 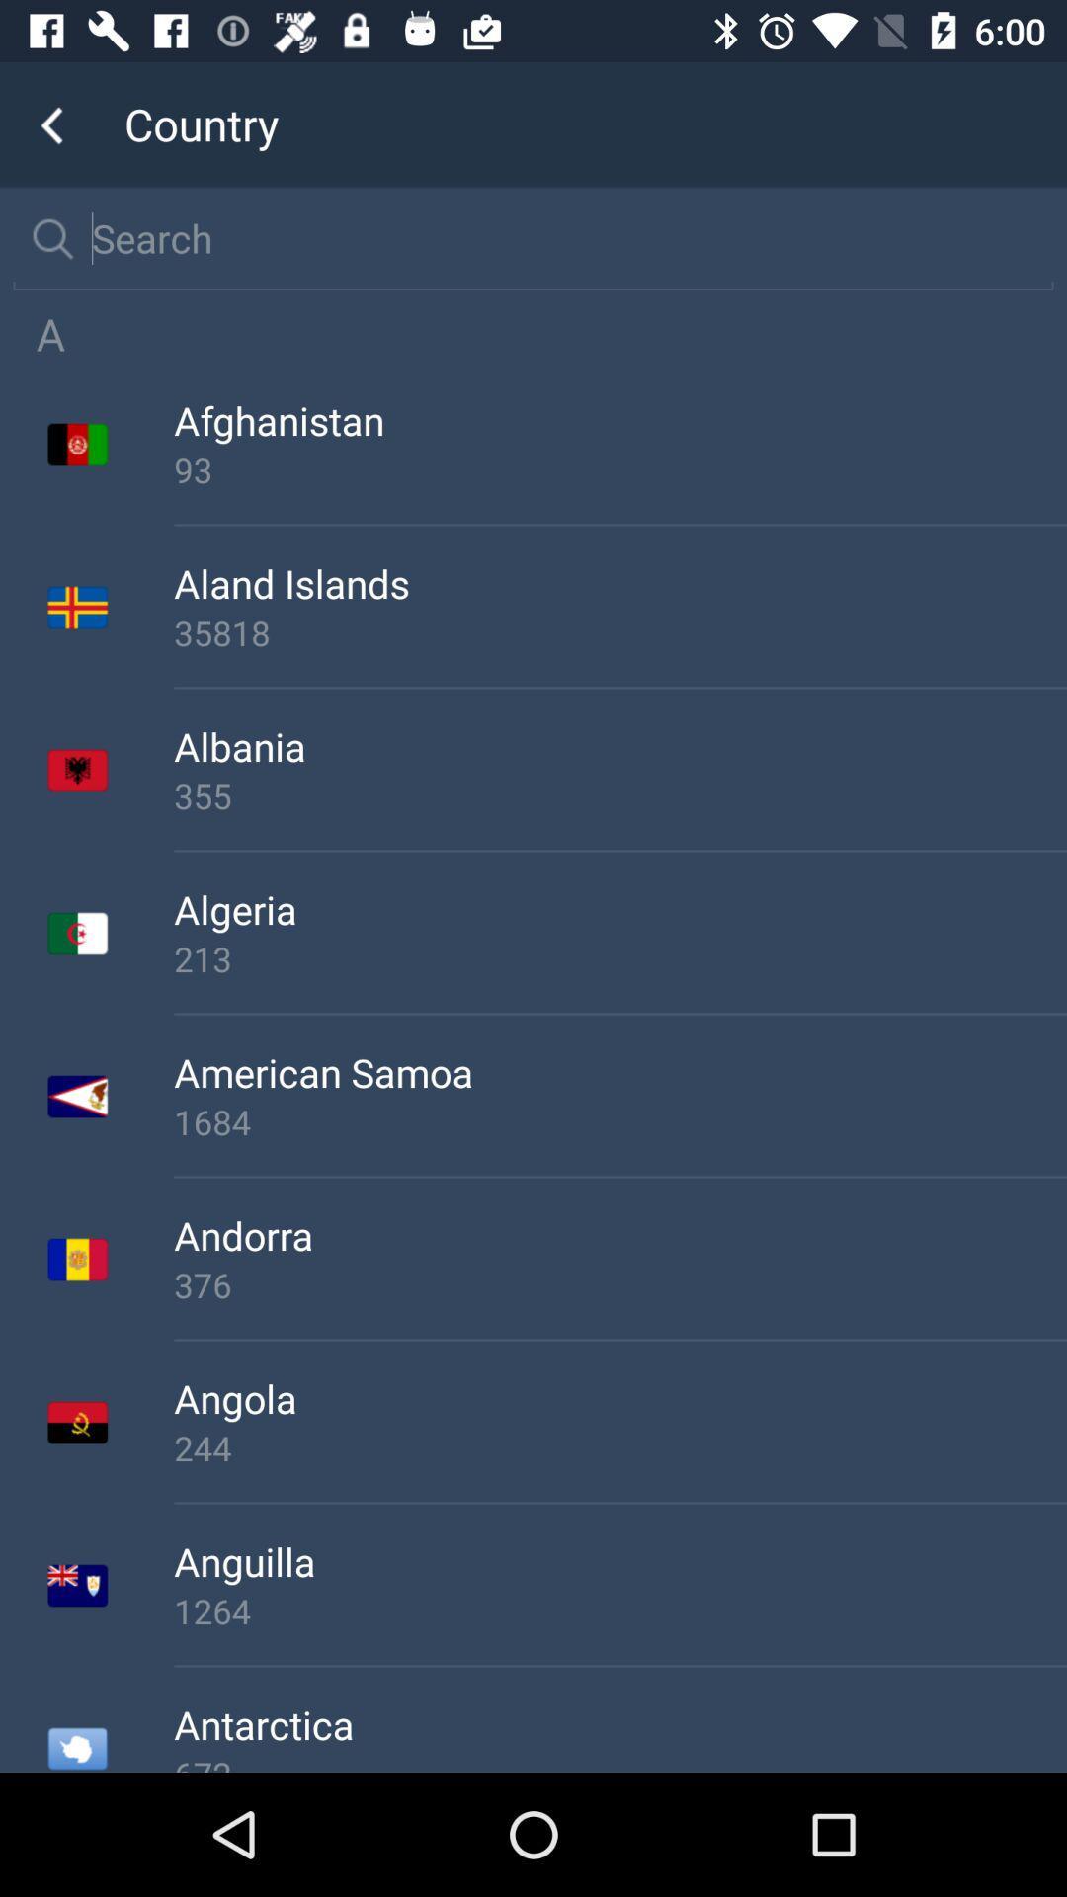 I want to click on the aland islands icon, so click(x=619, y=582).